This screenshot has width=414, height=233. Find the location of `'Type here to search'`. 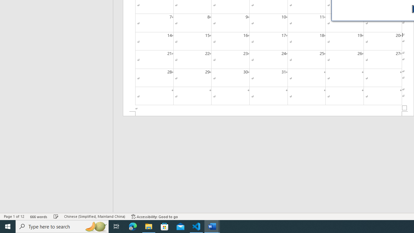

'Type here to search' is located at coordinates (62, 226).